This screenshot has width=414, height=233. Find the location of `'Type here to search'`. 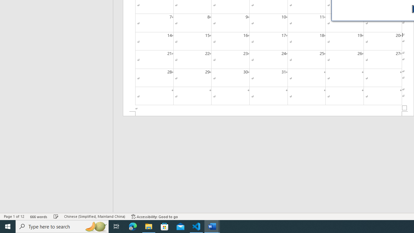

'Type here to search' is located at coordinates (62, 226).